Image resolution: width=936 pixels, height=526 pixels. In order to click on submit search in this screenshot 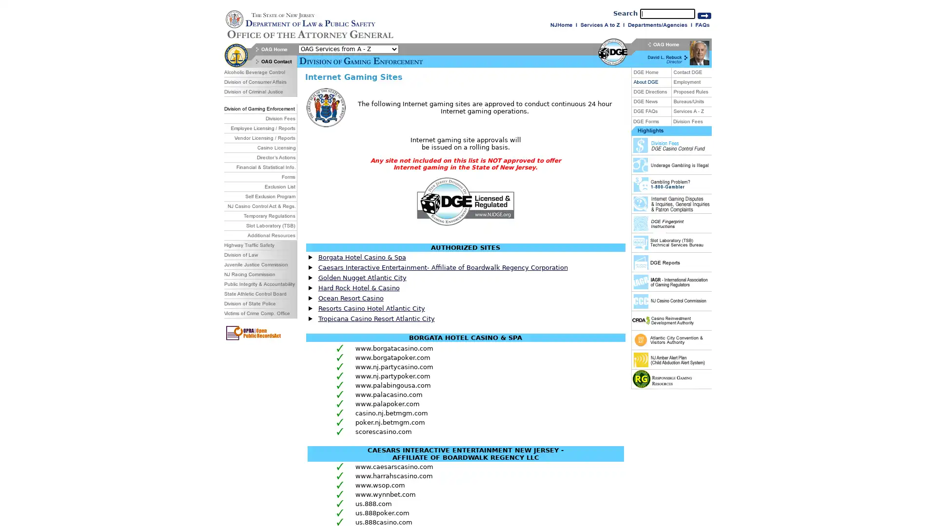, I will do `click(704, 15)`.